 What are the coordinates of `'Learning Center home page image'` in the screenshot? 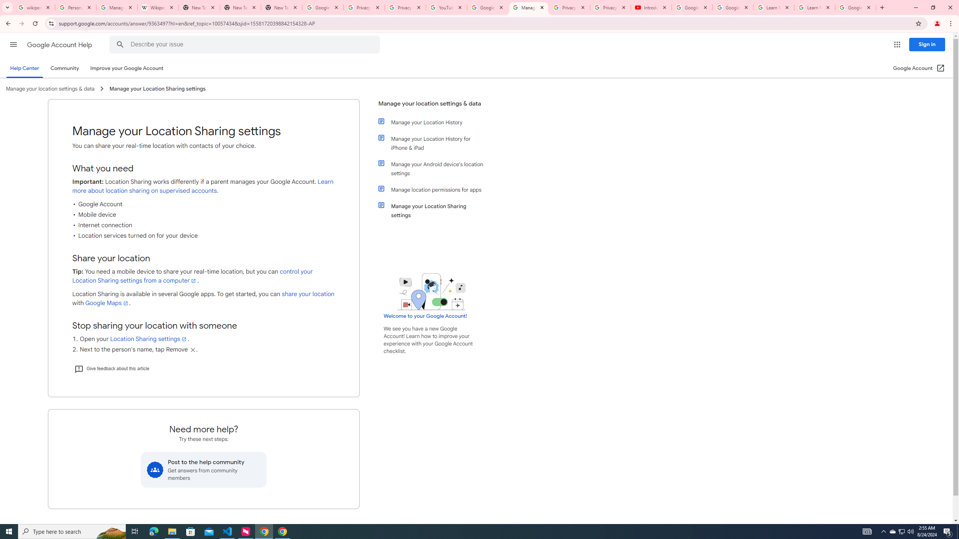 It's located at (431, 291).